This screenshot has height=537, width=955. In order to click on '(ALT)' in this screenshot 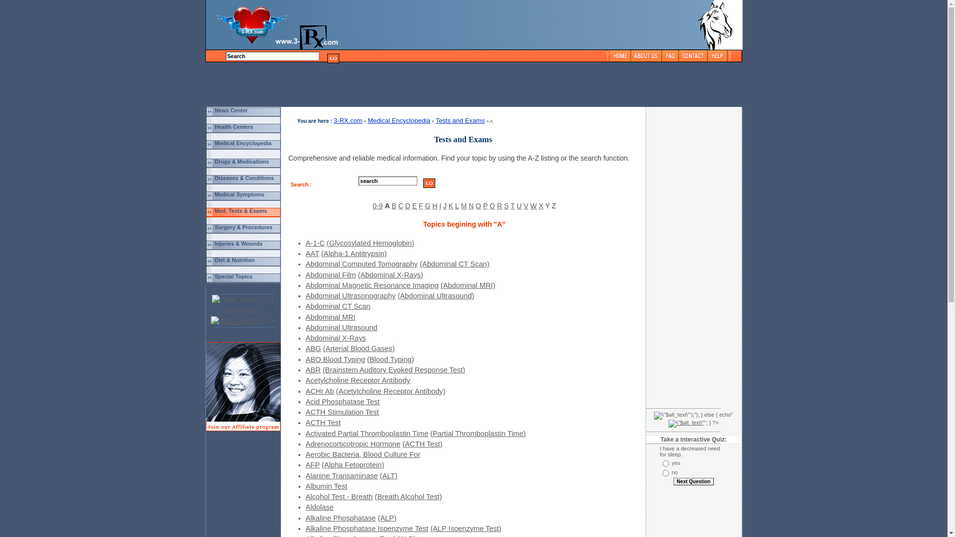, I will do `click(379, 475)`.